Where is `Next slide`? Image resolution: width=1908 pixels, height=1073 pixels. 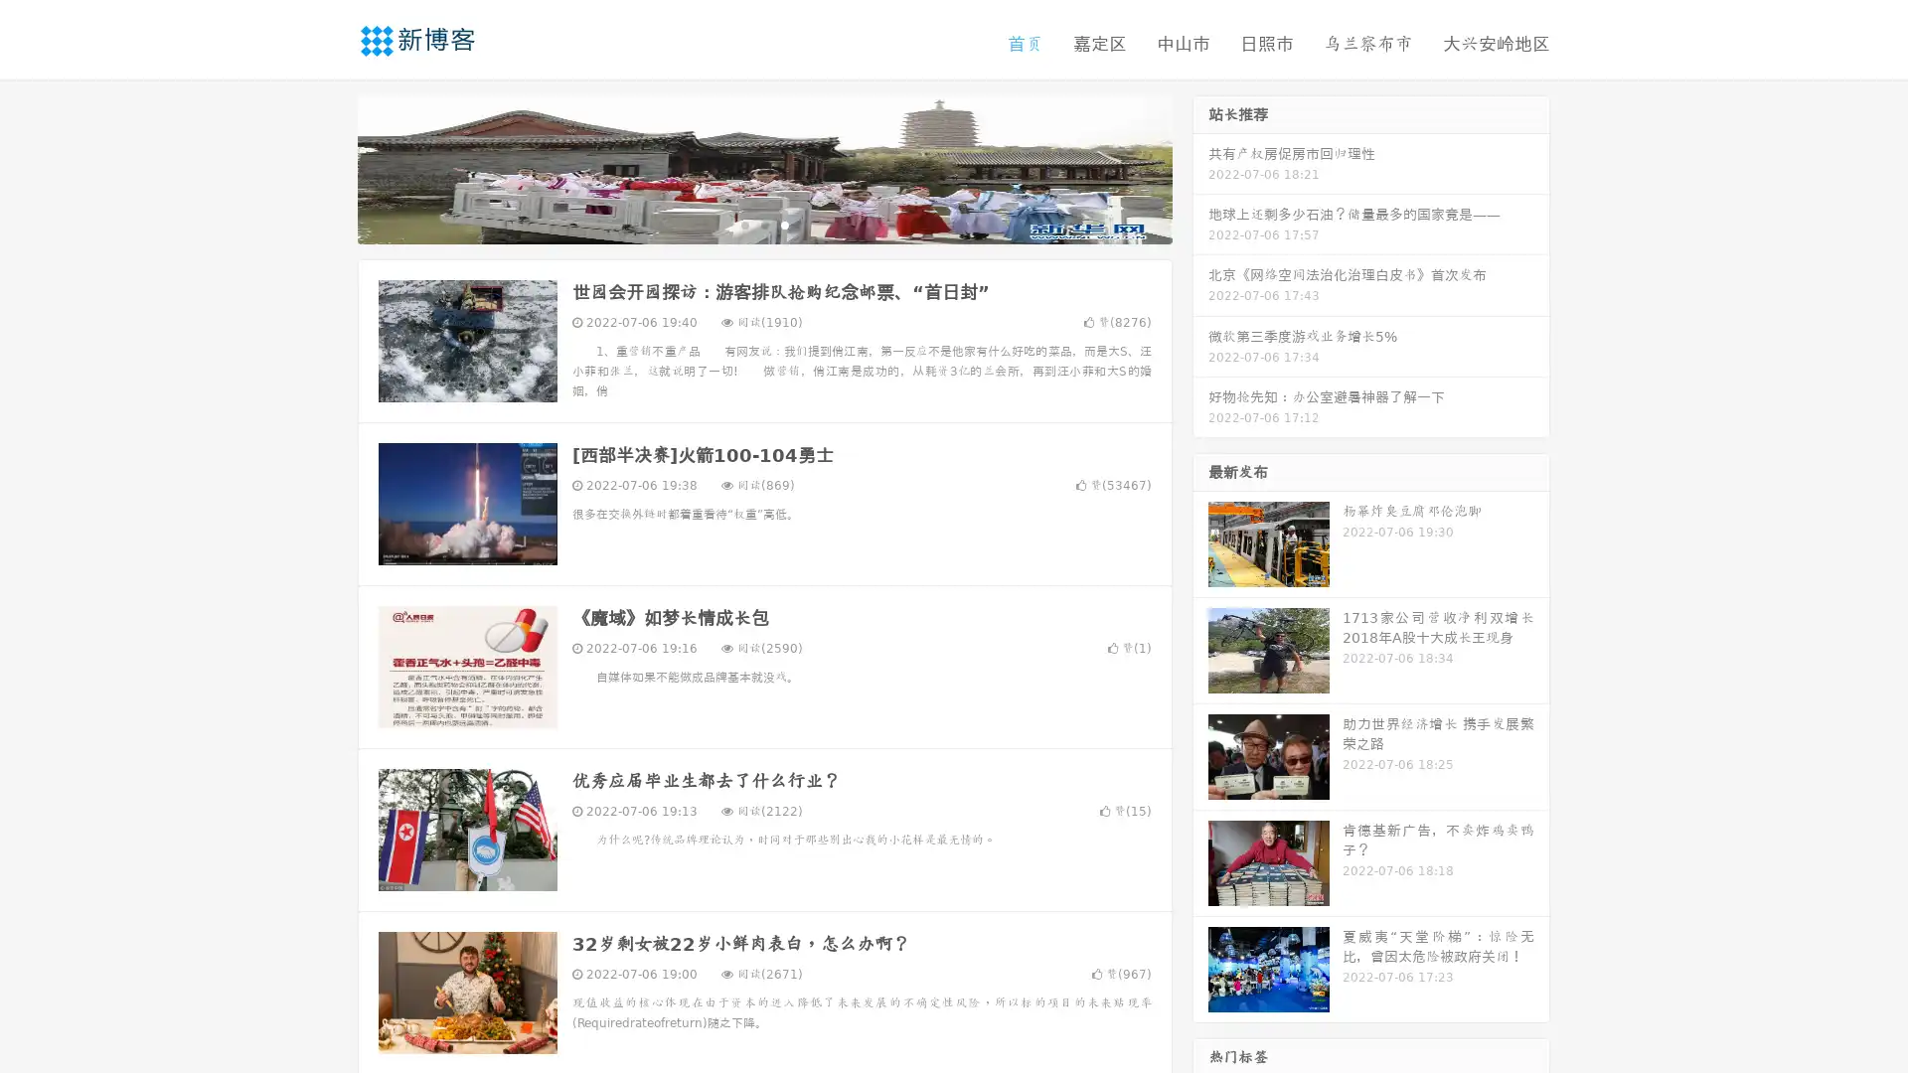 Next slide is located at coordinates (1200, 167).